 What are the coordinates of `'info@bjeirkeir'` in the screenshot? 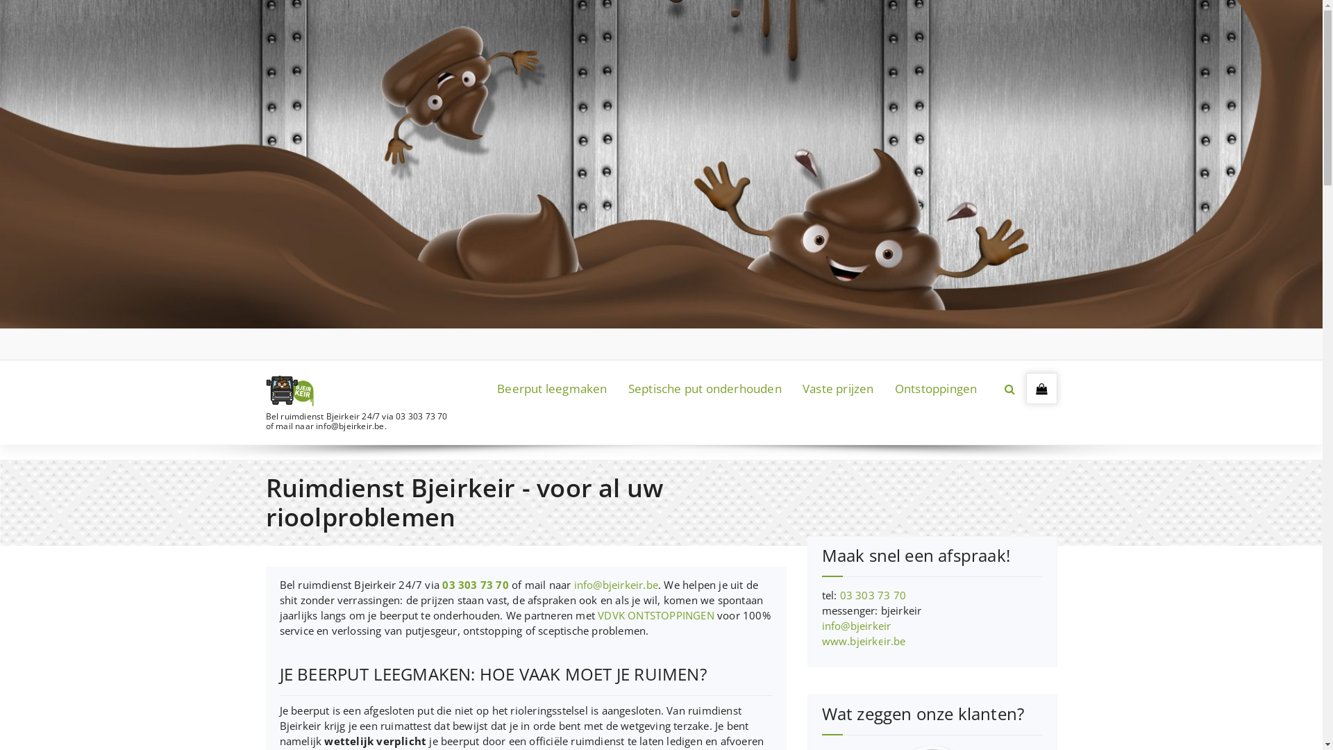 It's located at (822, 626).